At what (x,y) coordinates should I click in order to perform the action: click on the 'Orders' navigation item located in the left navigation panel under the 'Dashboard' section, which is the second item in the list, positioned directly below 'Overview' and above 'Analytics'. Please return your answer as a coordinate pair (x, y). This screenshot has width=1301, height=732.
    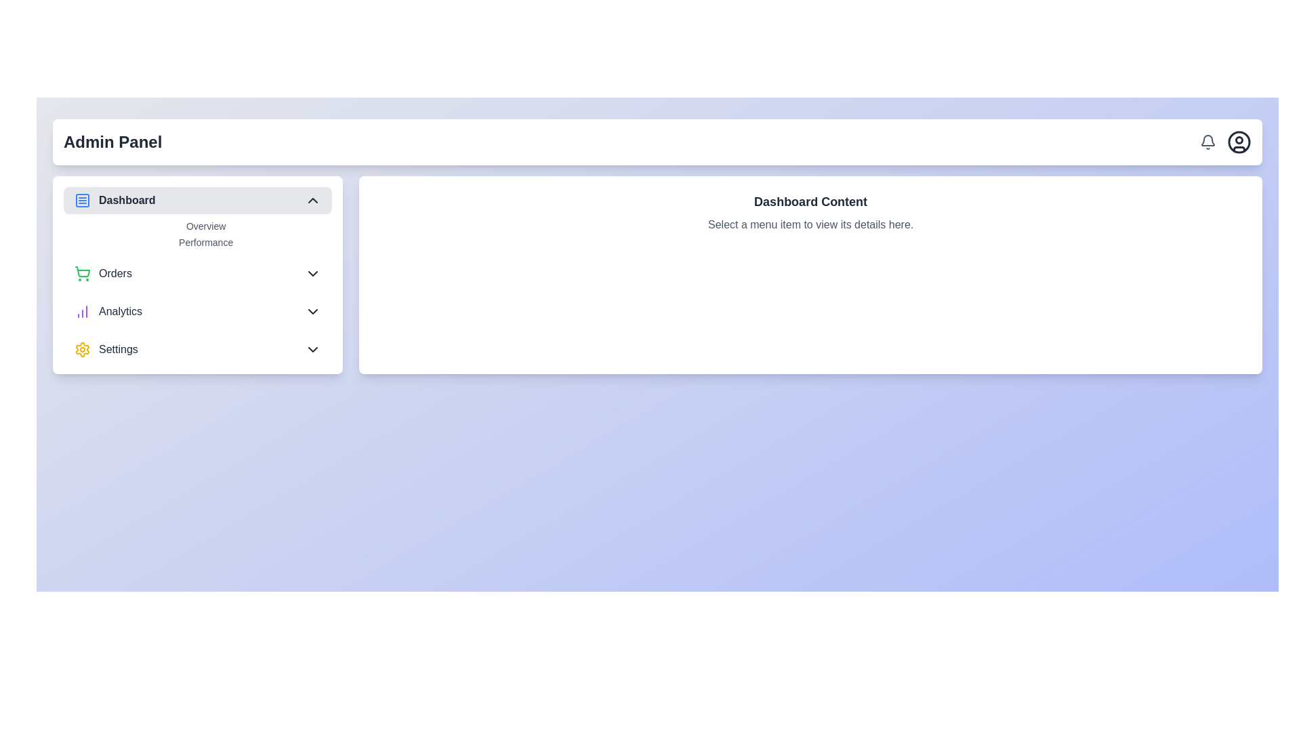
    Looking at the image, I should click on (102, 274).